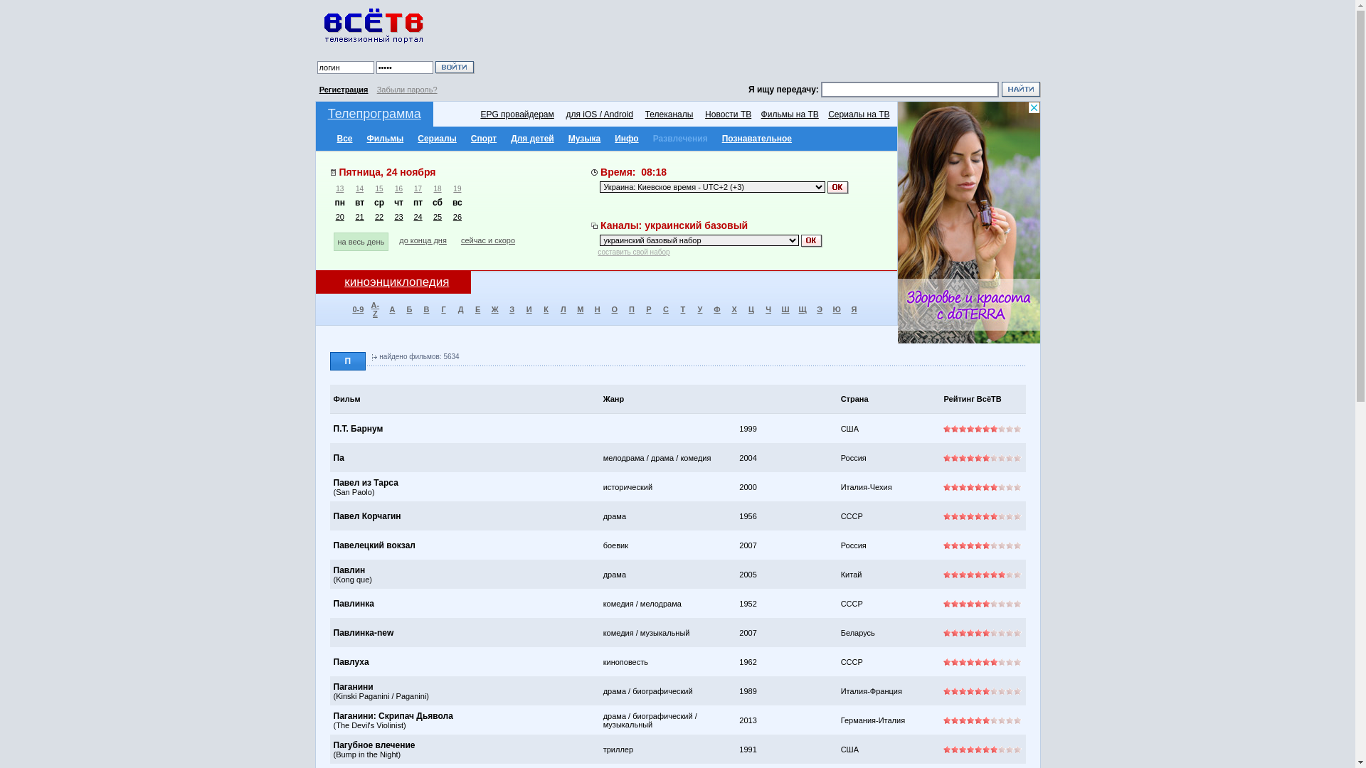 The width and height of the screenshot is (1366, 768). Describe the element at coordinates (339, 216) in the screenshot. I see `'20'` at that location.